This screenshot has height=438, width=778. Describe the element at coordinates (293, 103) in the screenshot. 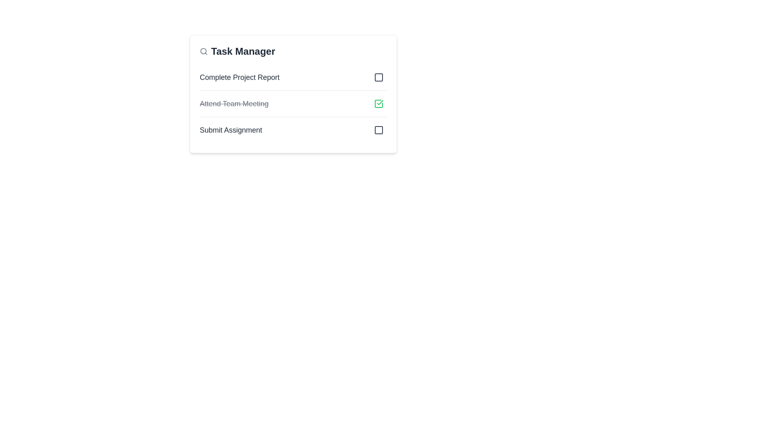

I see `the individual task item in the task management list` at that location.